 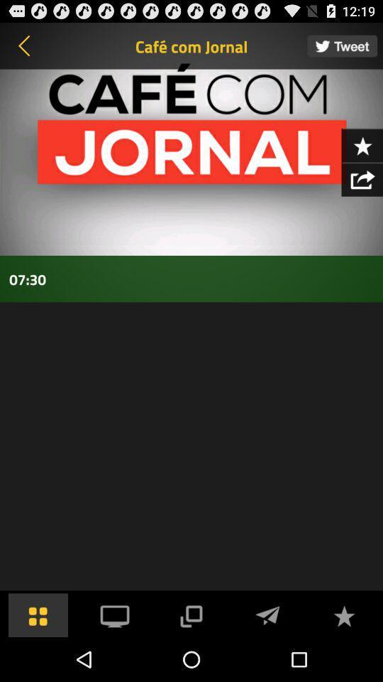 I want to click on to favorites, so click(x=343, y=614).